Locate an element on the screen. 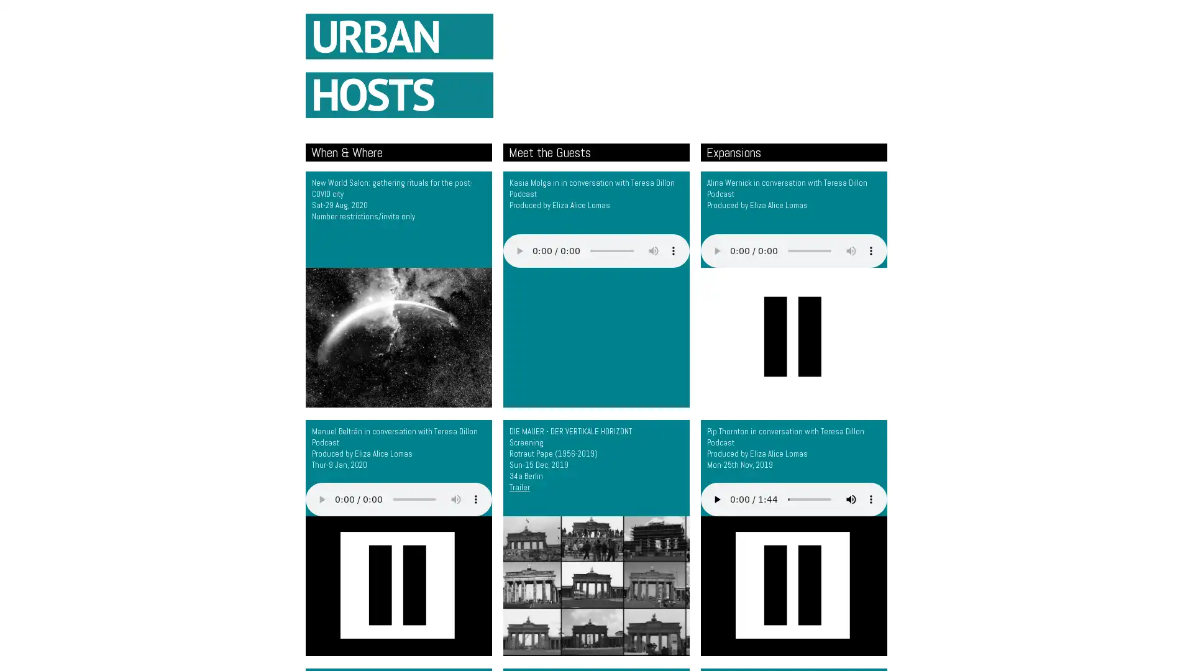 Image resolution: width=1193 pixels, height=671 pixels. show more media controls is located at coordinates (870, 251).